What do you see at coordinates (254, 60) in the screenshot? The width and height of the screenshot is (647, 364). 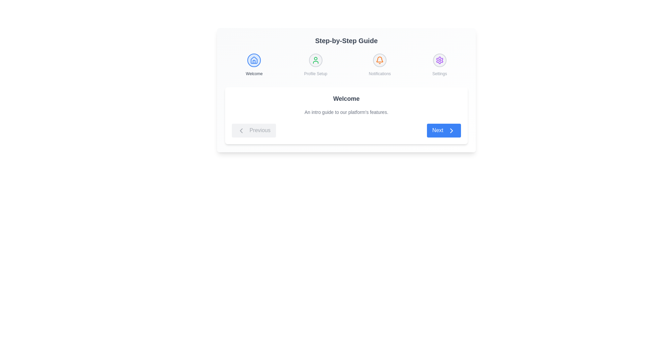 I see `the circular icon with a blue border and background containing a minimalistic house illustration, located above the 'Welcome' label` at bounding box center [254, 60].